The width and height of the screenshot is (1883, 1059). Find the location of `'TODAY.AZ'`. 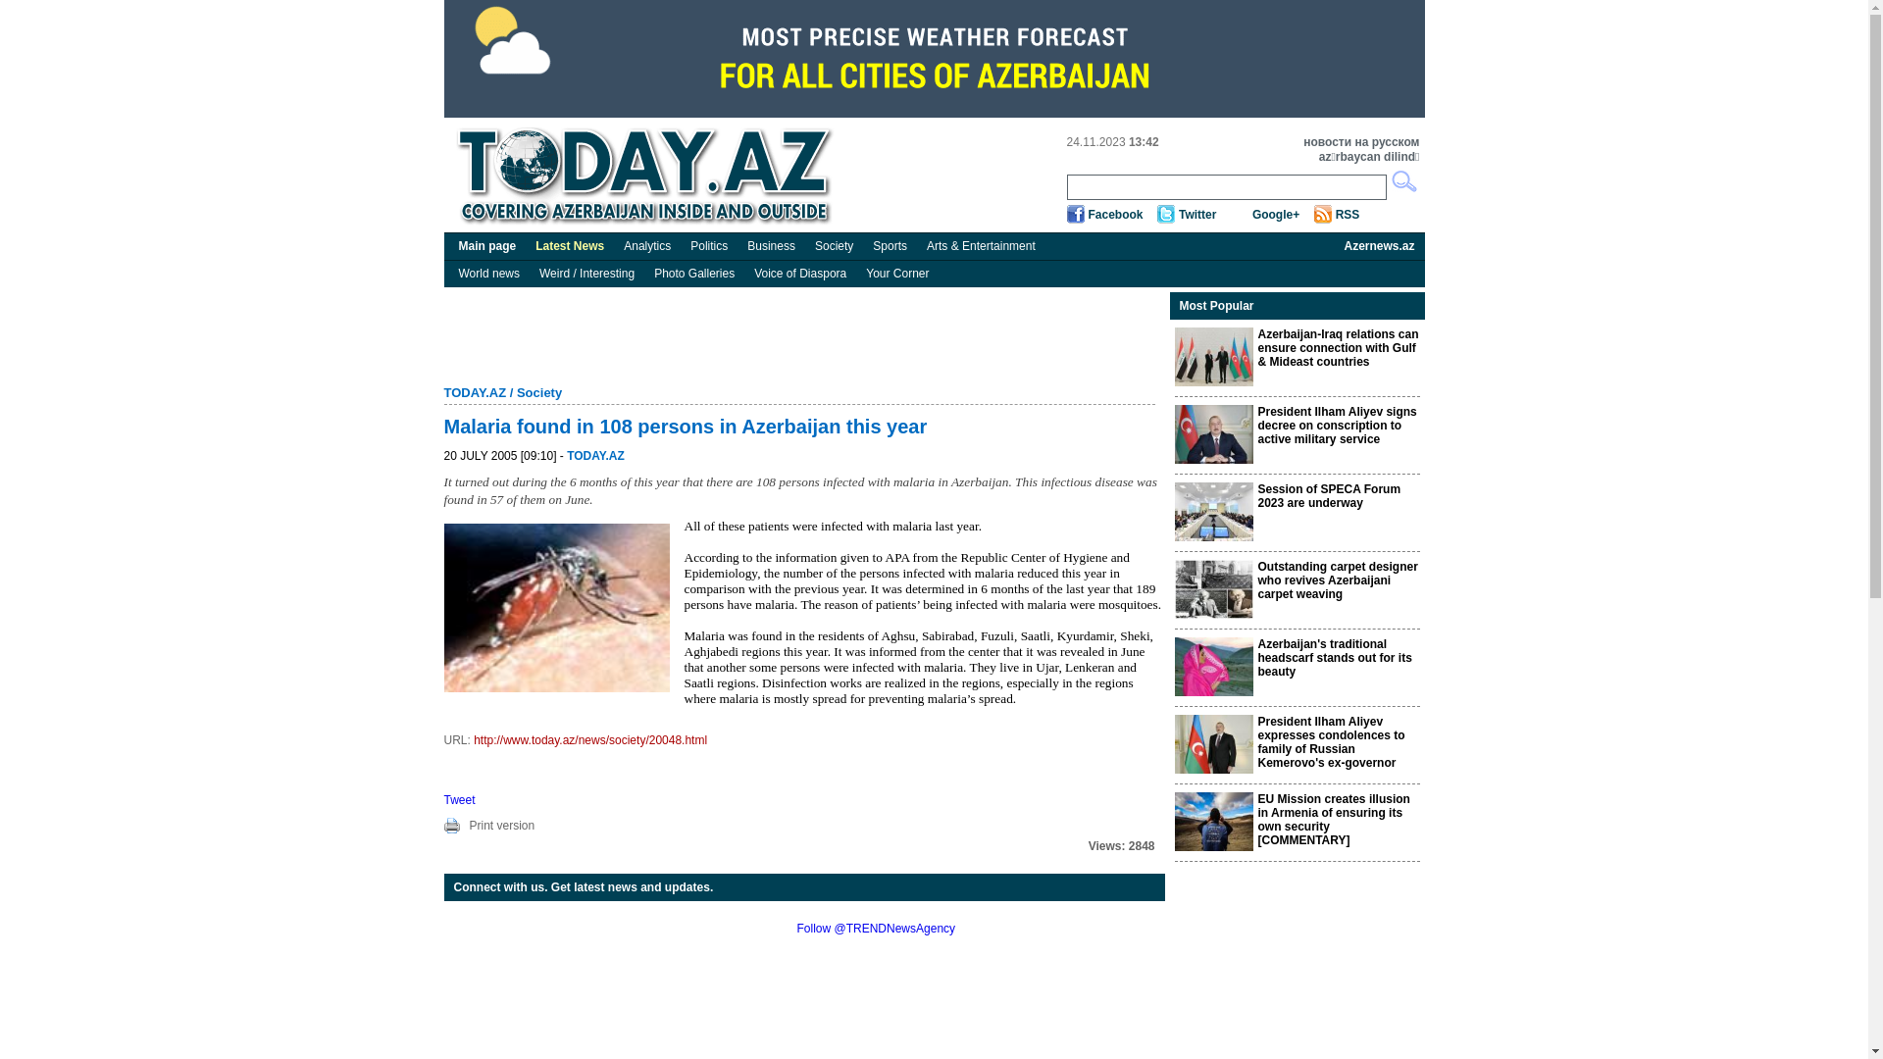

'TODAY.AZ' is located at coordinates (441, 392).